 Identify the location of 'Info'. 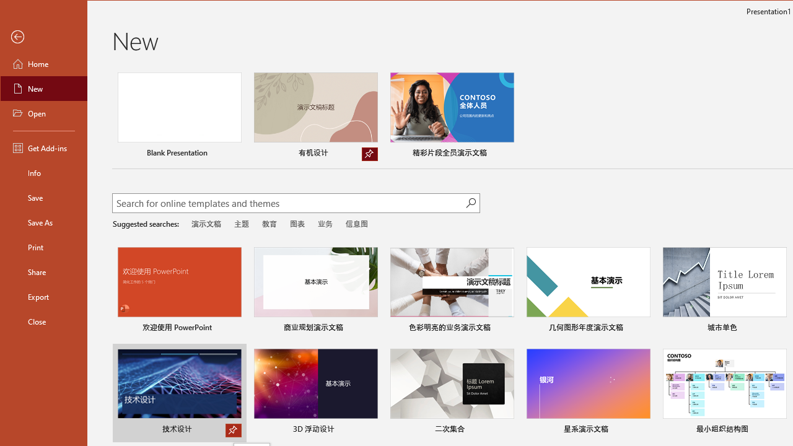
(44, 173).